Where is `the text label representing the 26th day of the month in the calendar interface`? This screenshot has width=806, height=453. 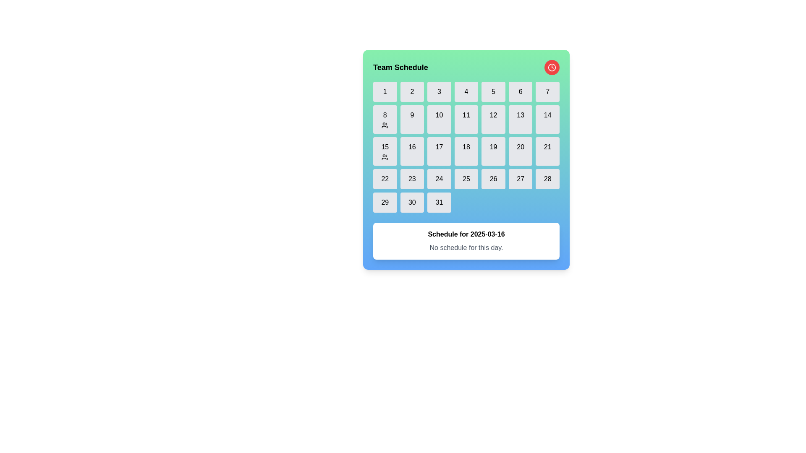 the text label representing the 26th day of the month in the calendar interface is located at coordinates (493, 179).